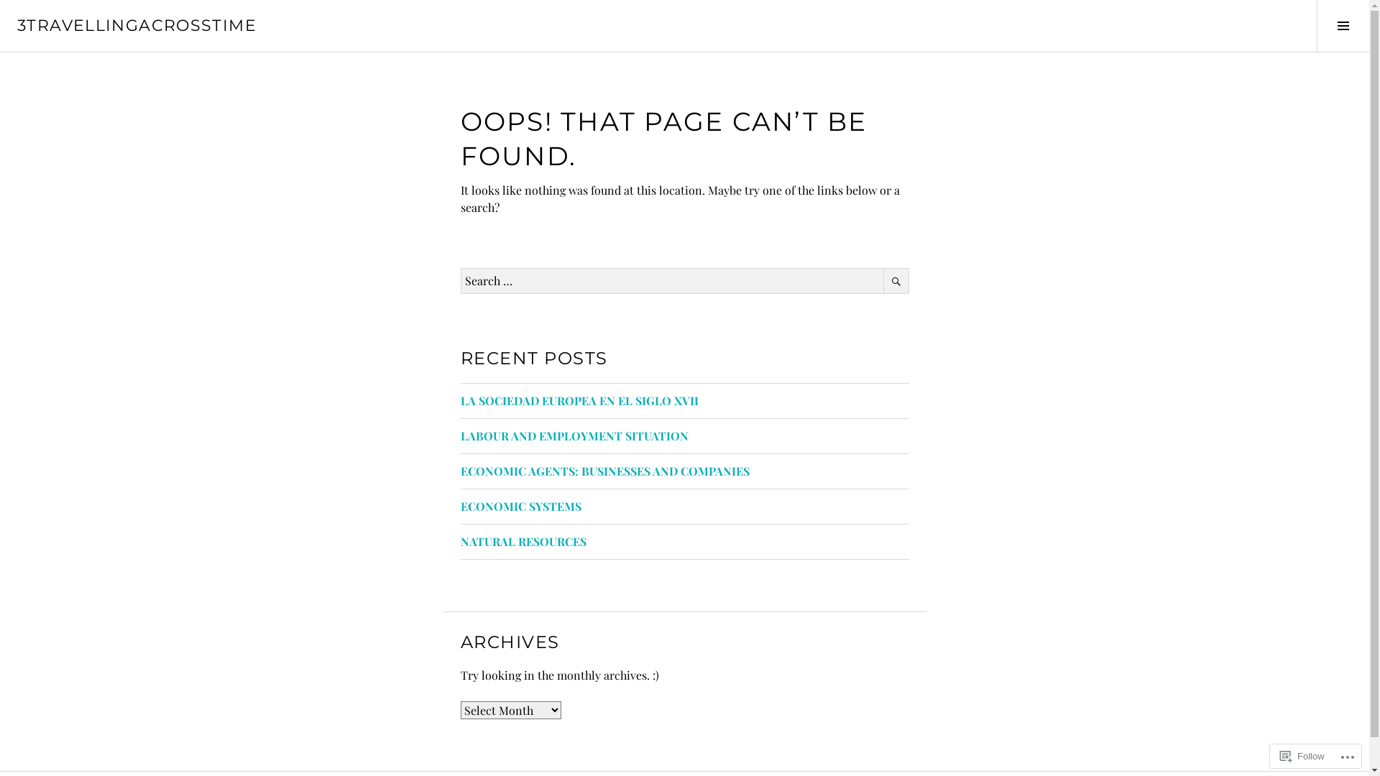  I want to click on 'ECONOMIC SYSTEMS', so click(520, 505).